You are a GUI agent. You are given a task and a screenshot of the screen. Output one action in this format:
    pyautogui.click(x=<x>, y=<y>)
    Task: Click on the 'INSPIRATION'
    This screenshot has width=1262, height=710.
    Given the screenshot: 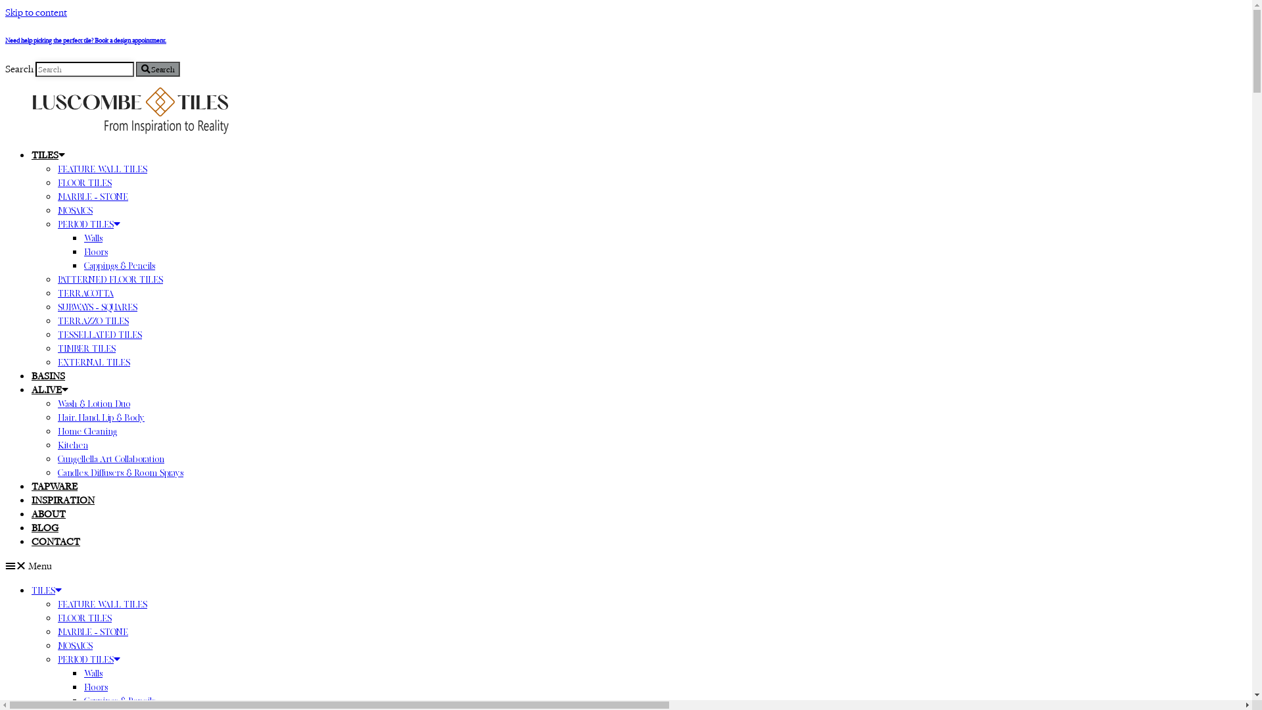 What is the action you would take?
    pyautogui.click(x=32, y=500)
    